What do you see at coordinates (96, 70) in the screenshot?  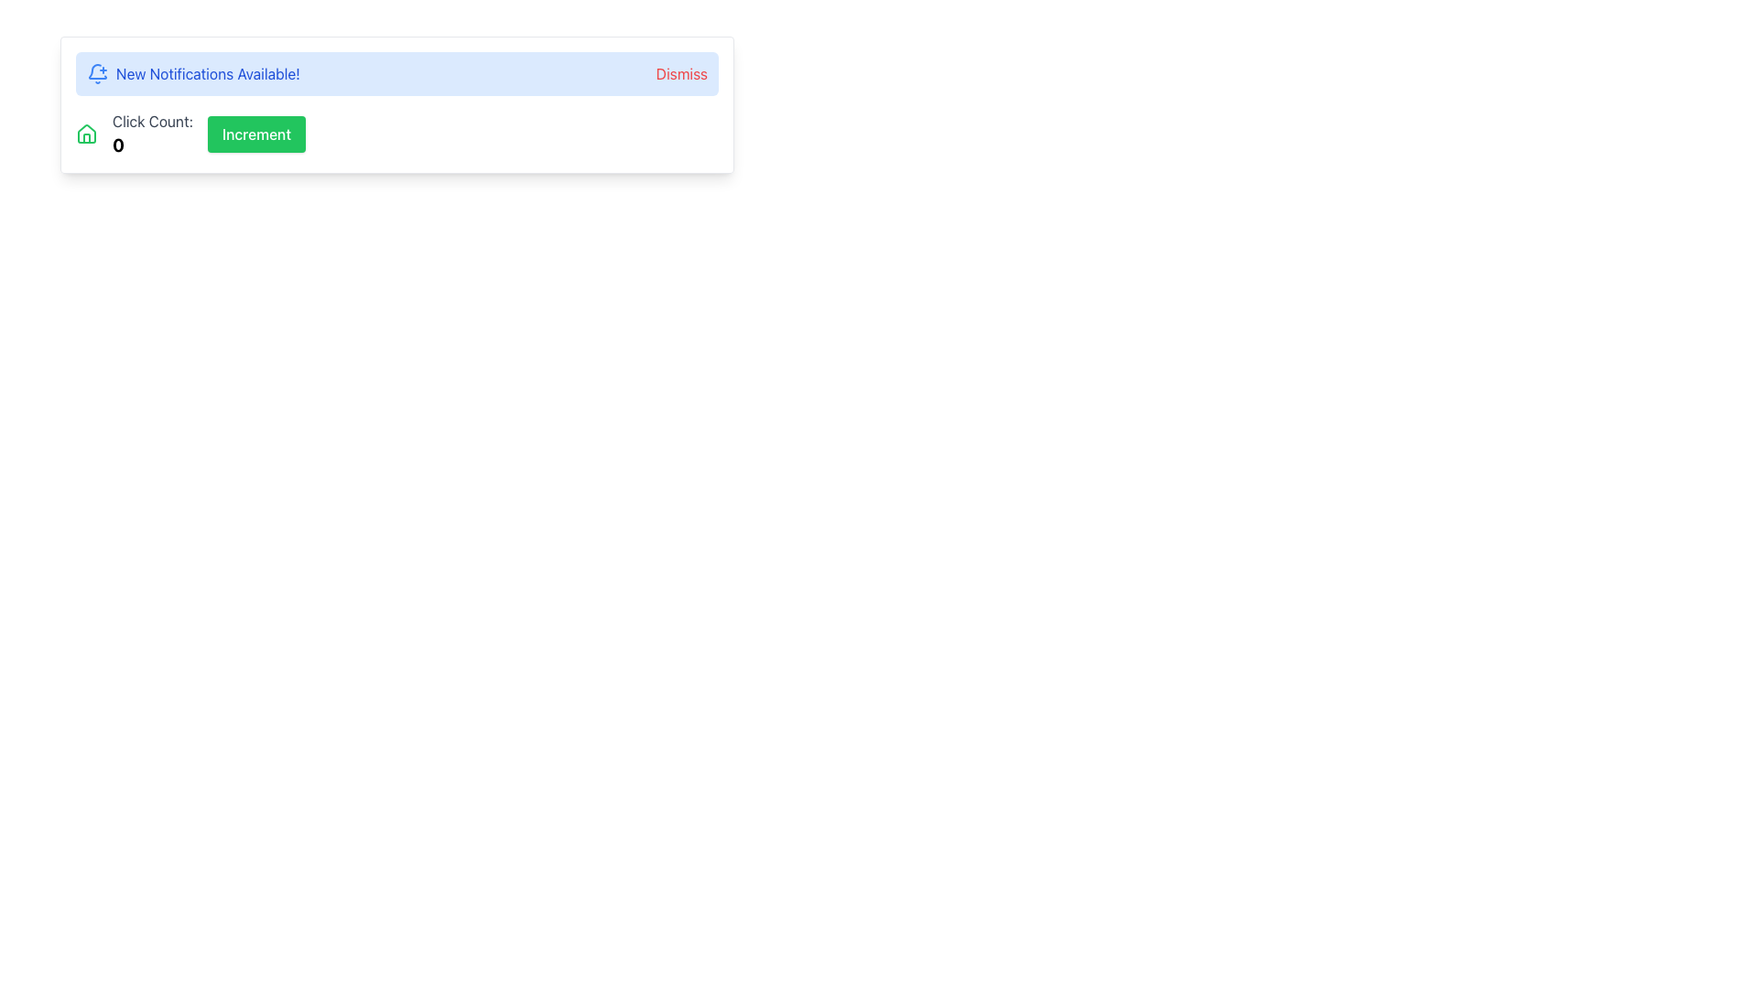 I see `the blue bell icon with a '+' symbol in the notifications section` at bounding box center [96, 70].